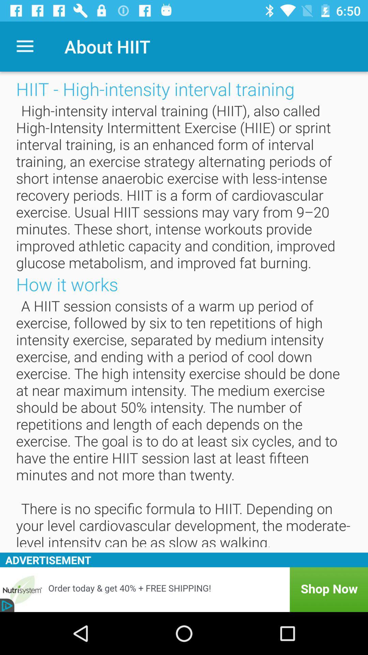 This screenshot has height=655, width=368. Describe the element at coordinates (25, 46) in the screenshot. I see `the icon above hiit high intensity` at that location.